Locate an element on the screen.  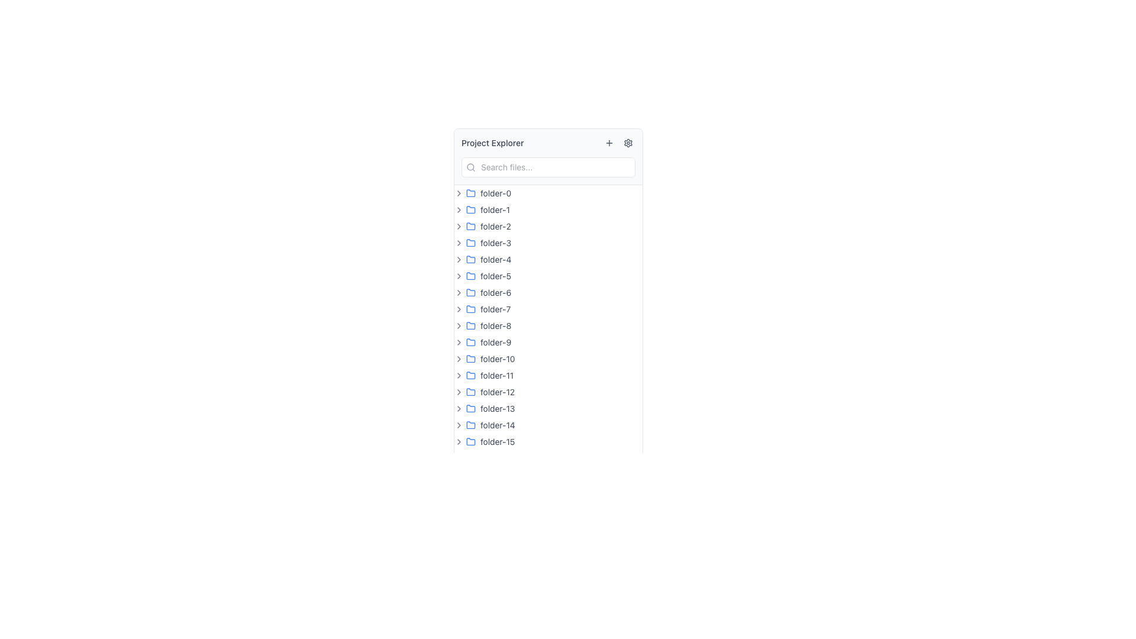
the button group located at the top-right side of the 'Project Explorer' section, which contains two buttons: a plus ('+') icon on the left and a gear icon on the right is located at coordinates (618, 143).